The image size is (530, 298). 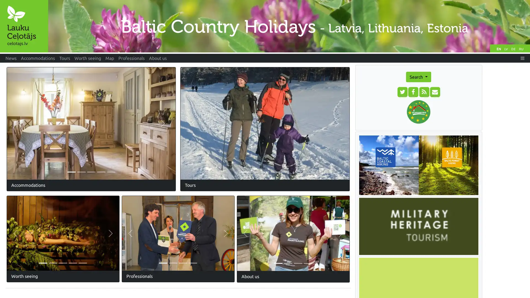 I want to click on Next, so click(x=336, y=123).